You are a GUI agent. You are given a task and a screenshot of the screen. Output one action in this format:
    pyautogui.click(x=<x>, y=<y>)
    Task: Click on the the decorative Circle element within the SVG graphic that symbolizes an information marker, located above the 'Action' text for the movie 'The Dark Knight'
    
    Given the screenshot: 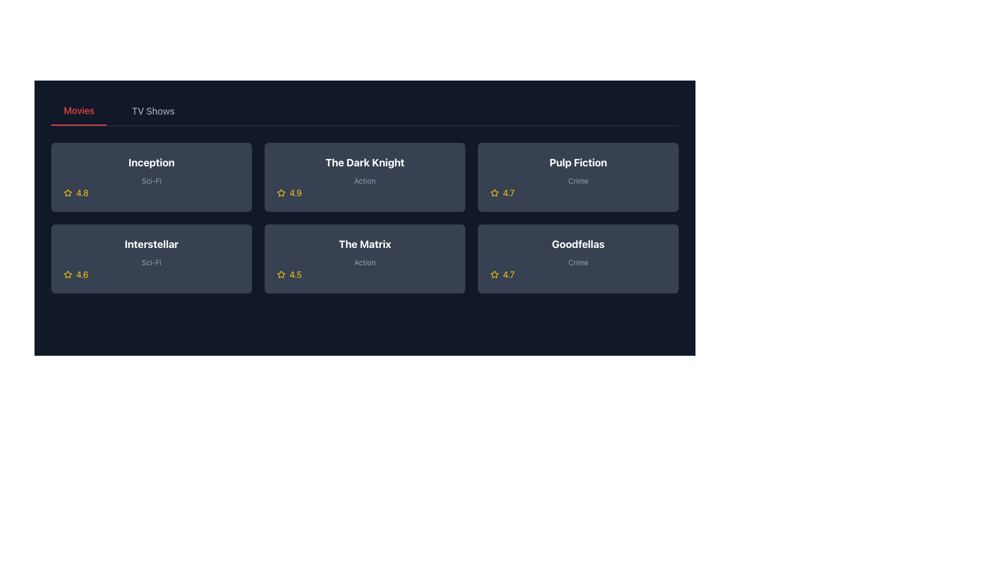 What is the action you would take?
    pyautogui.click(x=364, y=177)
    